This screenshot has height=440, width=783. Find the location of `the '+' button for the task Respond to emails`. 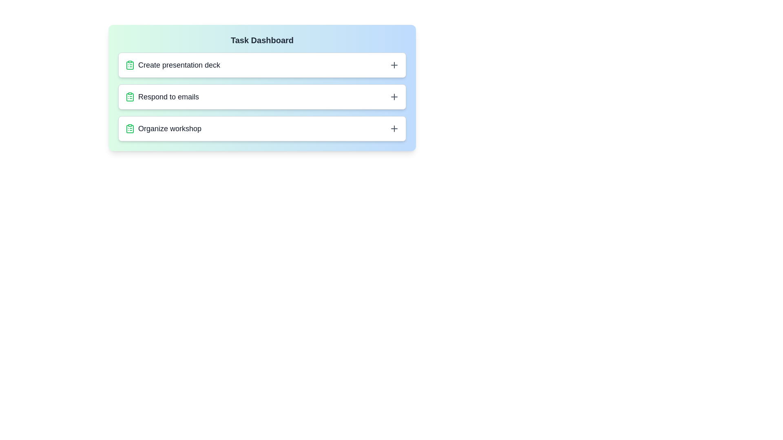

the '+' button for the task Respond to emails is located at coordinates (394, 97).